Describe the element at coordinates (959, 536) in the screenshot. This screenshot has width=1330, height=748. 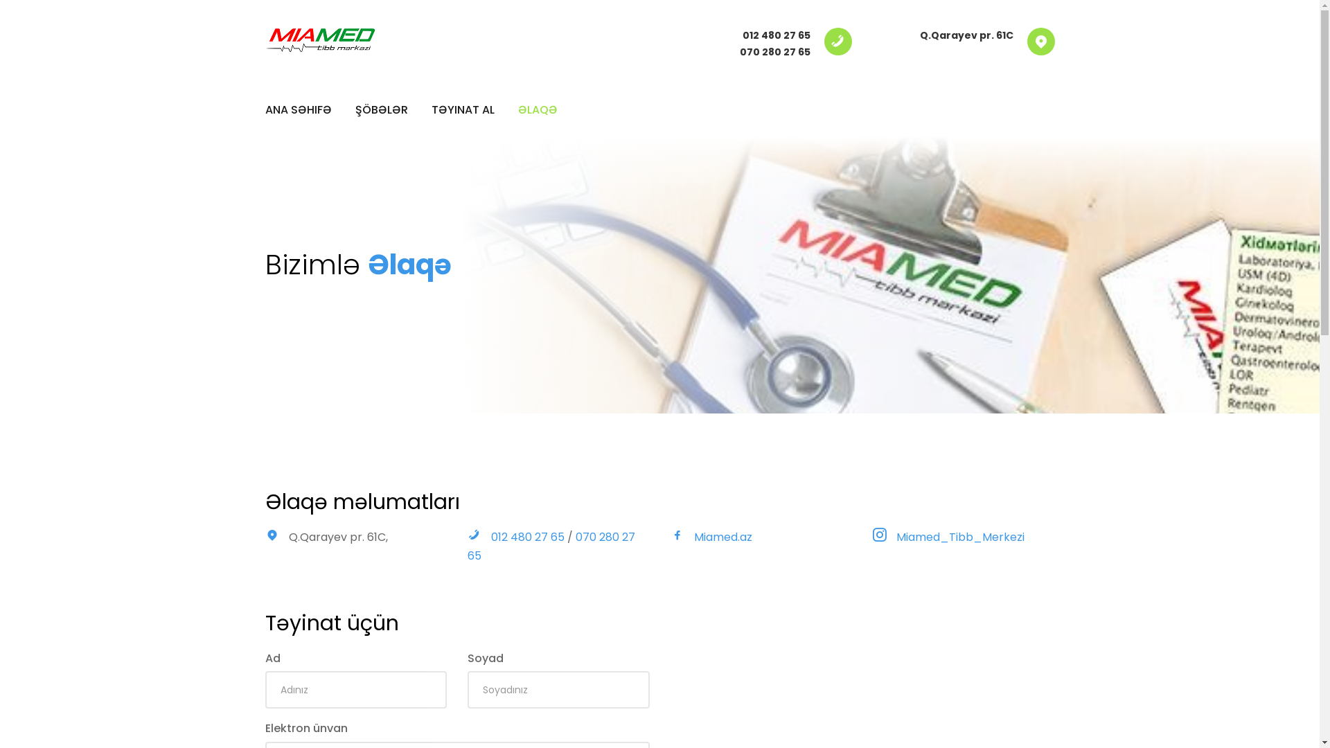
I see `'Miamed_Tibb_Merkezi'` at that location.